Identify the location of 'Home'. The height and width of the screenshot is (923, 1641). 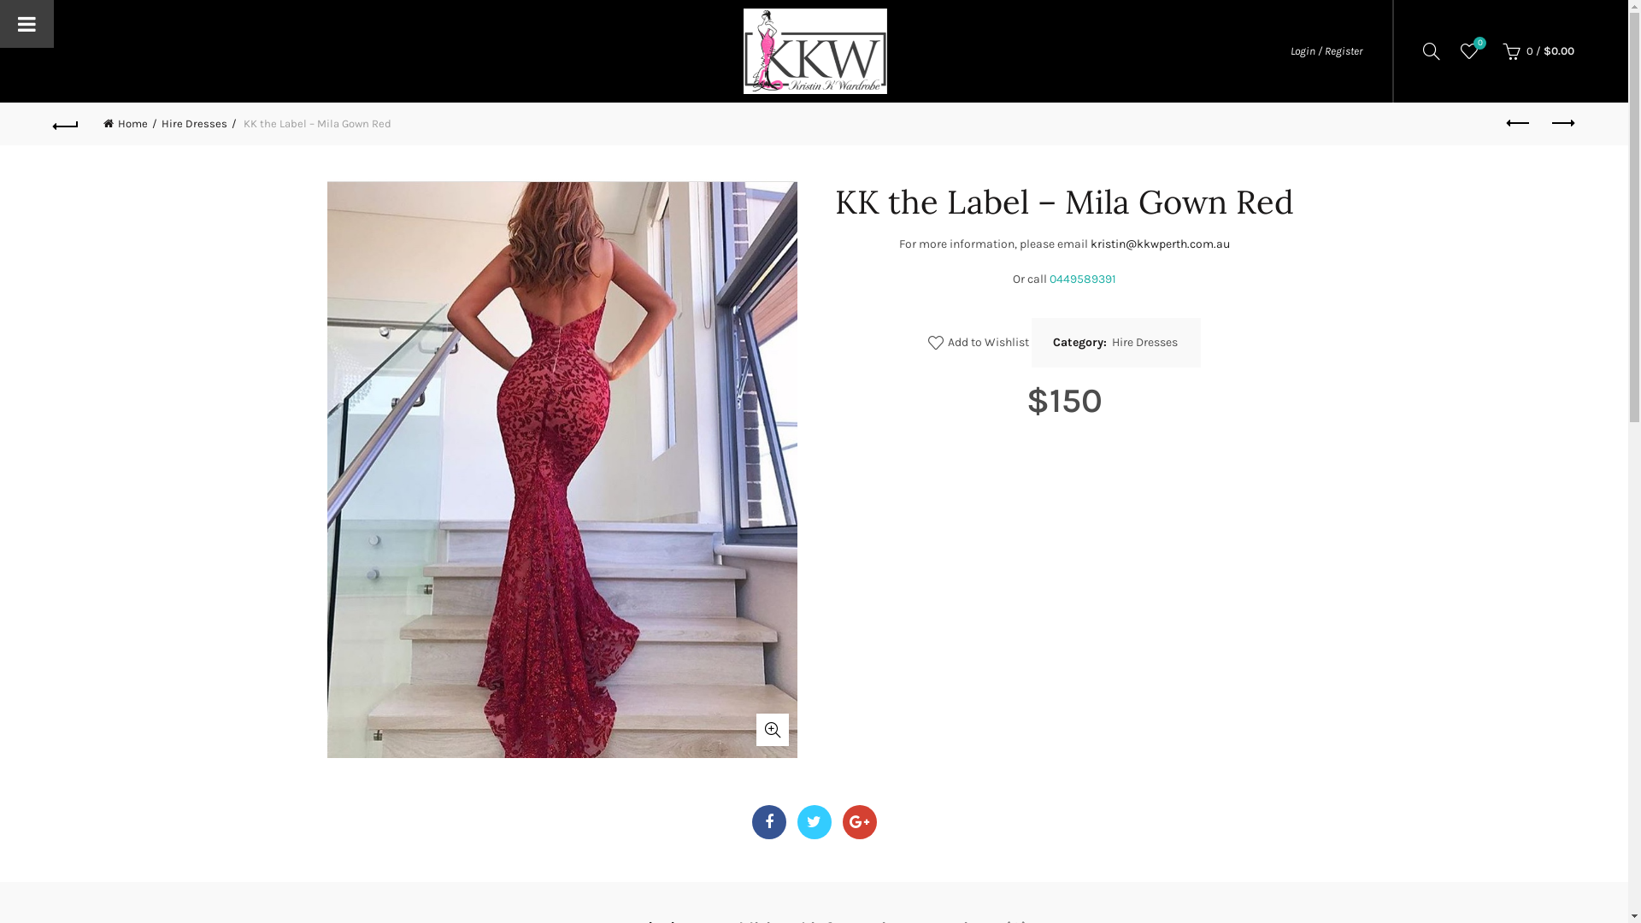
(129, 122).